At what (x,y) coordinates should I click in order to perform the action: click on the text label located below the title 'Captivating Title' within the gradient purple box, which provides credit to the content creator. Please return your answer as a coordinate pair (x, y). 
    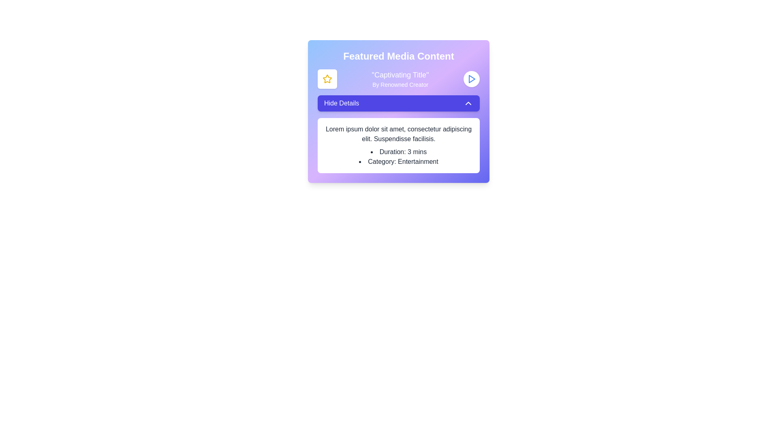
    Looking at the image, I should click on (400, 84).